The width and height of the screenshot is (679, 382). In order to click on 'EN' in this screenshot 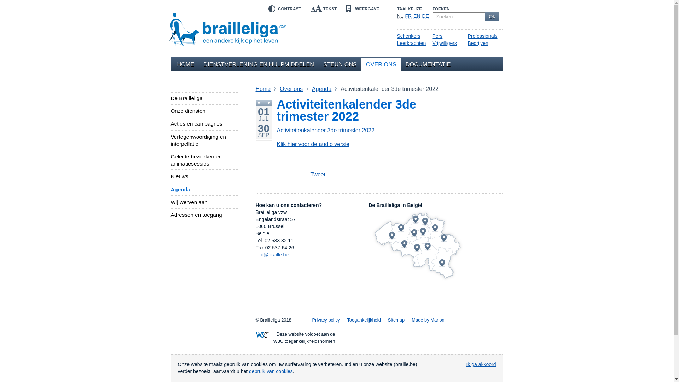, I will do `click(417, 16)`.